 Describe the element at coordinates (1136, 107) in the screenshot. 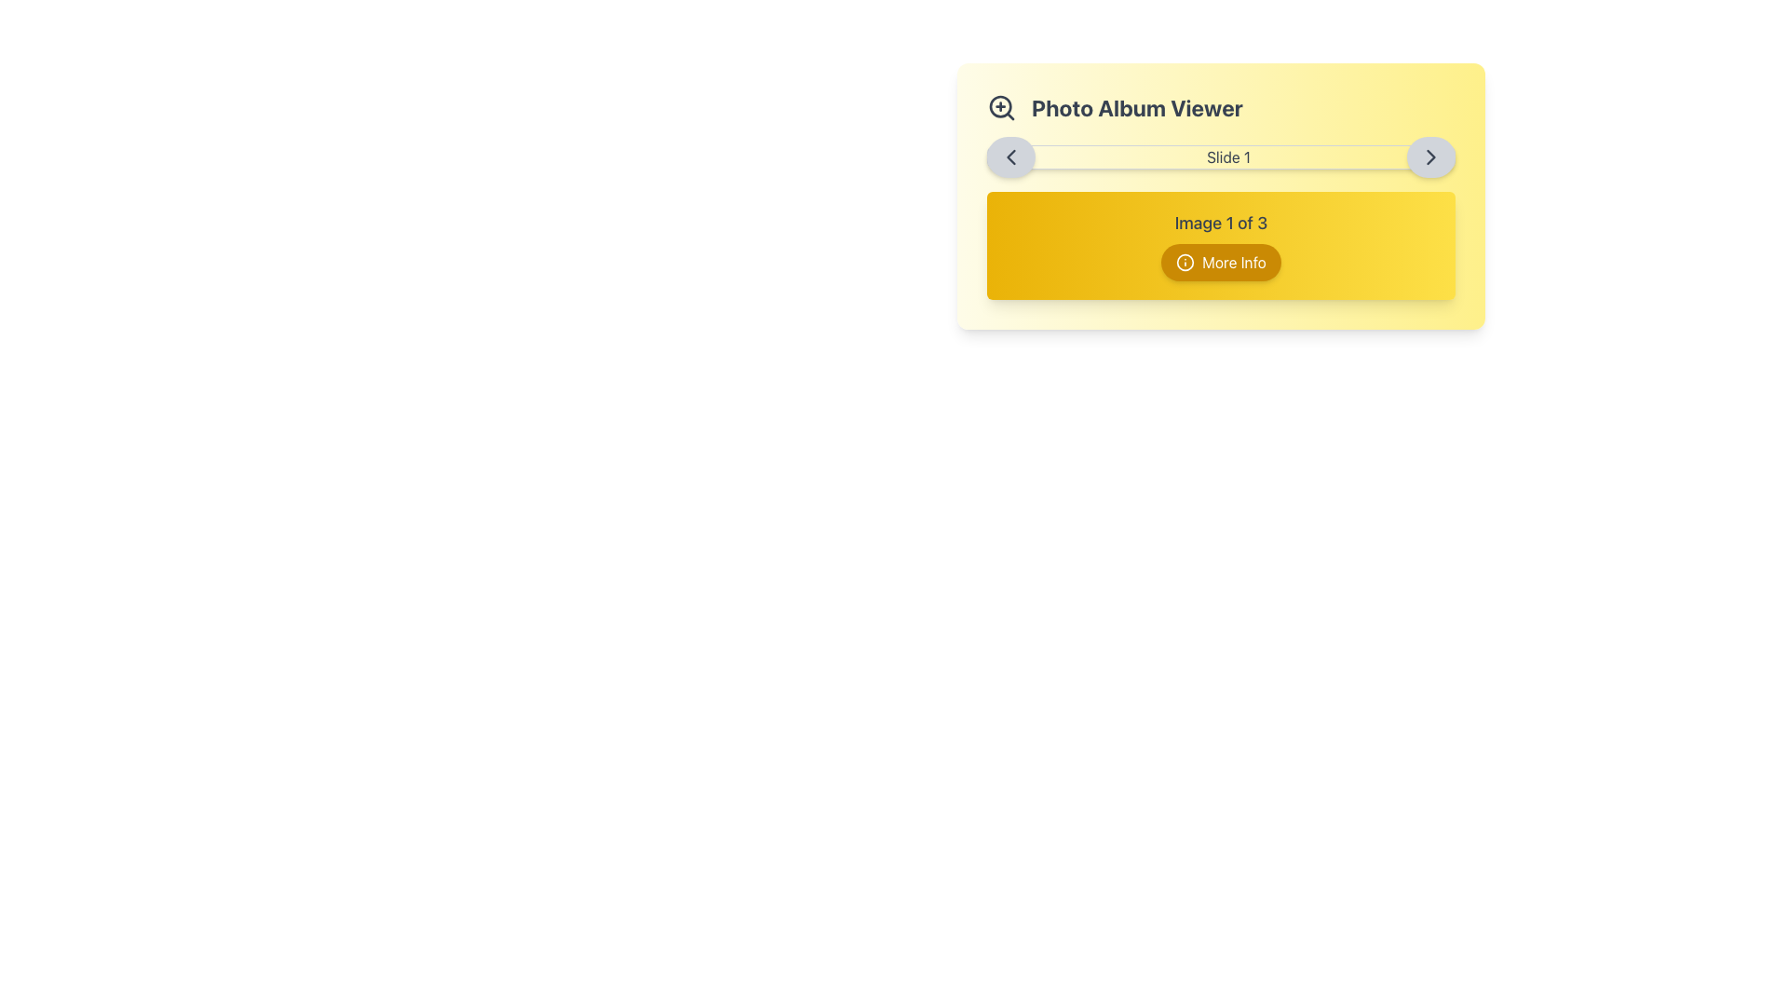

I see `the bold text label 'Photo Album Viewer' that is centrally located with a dark color on a light yellow background, positioned to the right of a magnifying glass icon` at that location.